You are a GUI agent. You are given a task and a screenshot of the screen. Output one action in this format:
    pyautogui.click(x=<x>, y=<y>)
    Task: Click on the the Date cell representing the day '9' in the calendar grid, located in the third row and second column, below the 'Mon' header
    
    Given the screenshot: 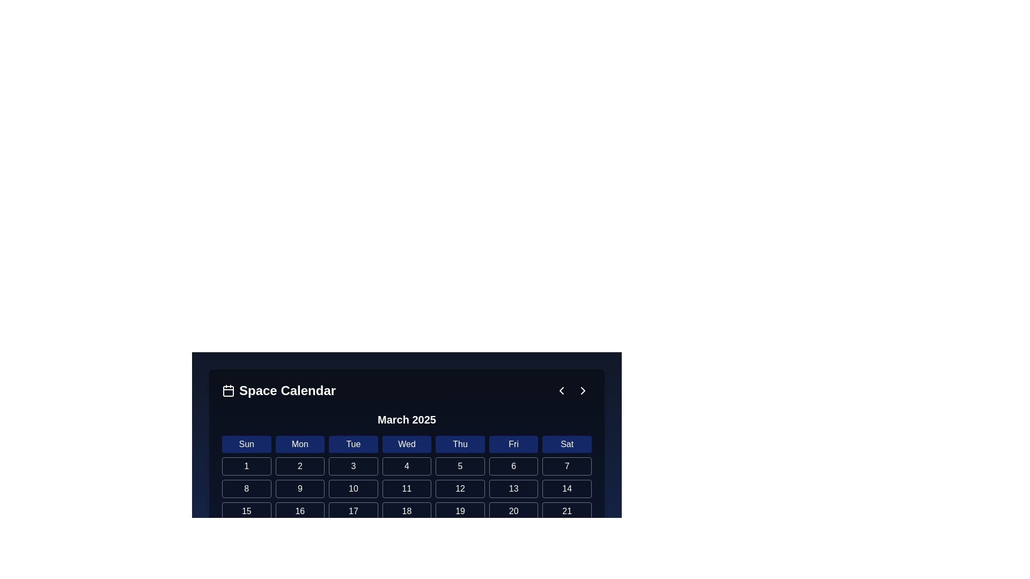 What is the action you would take?
    pyautogui.click(x=300, y=488)
    